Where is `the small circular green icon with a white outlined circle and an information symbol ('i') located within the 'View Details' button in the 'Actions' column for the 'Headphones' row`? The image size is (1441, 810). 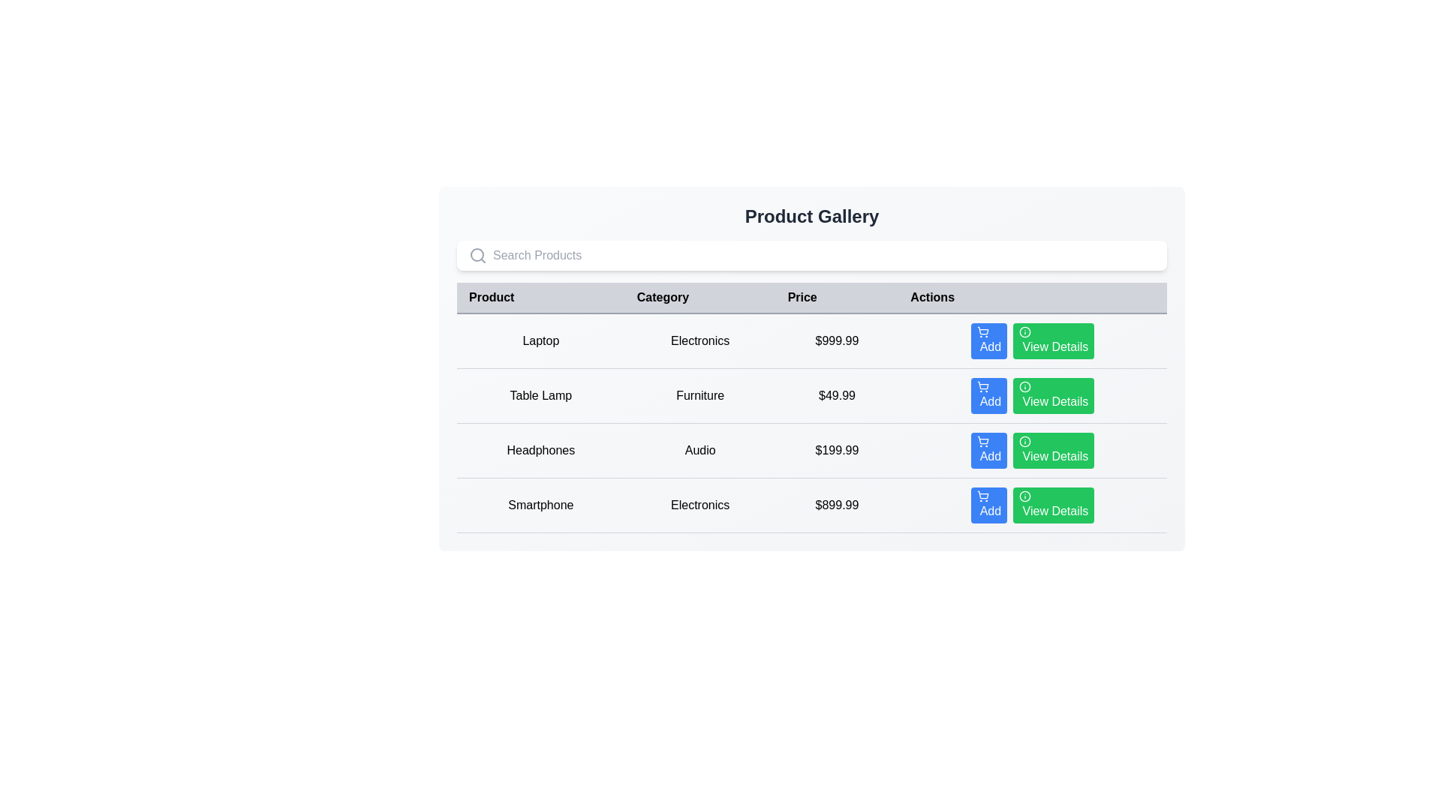
the small circular green icon with a white outlined circle and an information symbol ('i') located within the 'View Details' button in the 'Actions' column for the 'Headphones' row is located at coordinates (1024, 441).